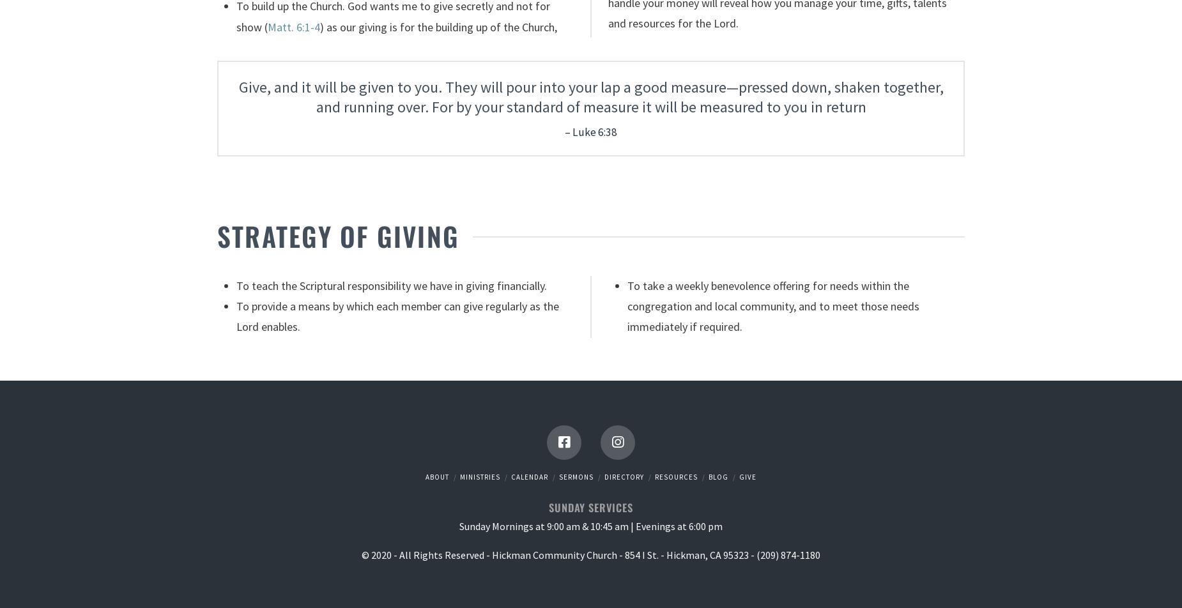  I want to click on '© 2020 - All Rights Reserved - Hickman Community Church - 854 I St. - Hickman, CA 95323 - (209) 874-1180', so click(591, 554).